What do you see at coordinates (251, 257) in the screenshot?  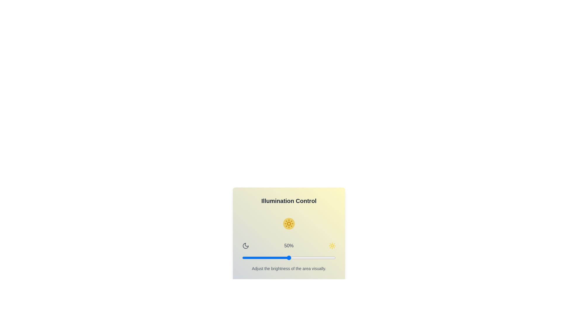 I see `the brightness slider to 10%` at bounding box center [251, 257].